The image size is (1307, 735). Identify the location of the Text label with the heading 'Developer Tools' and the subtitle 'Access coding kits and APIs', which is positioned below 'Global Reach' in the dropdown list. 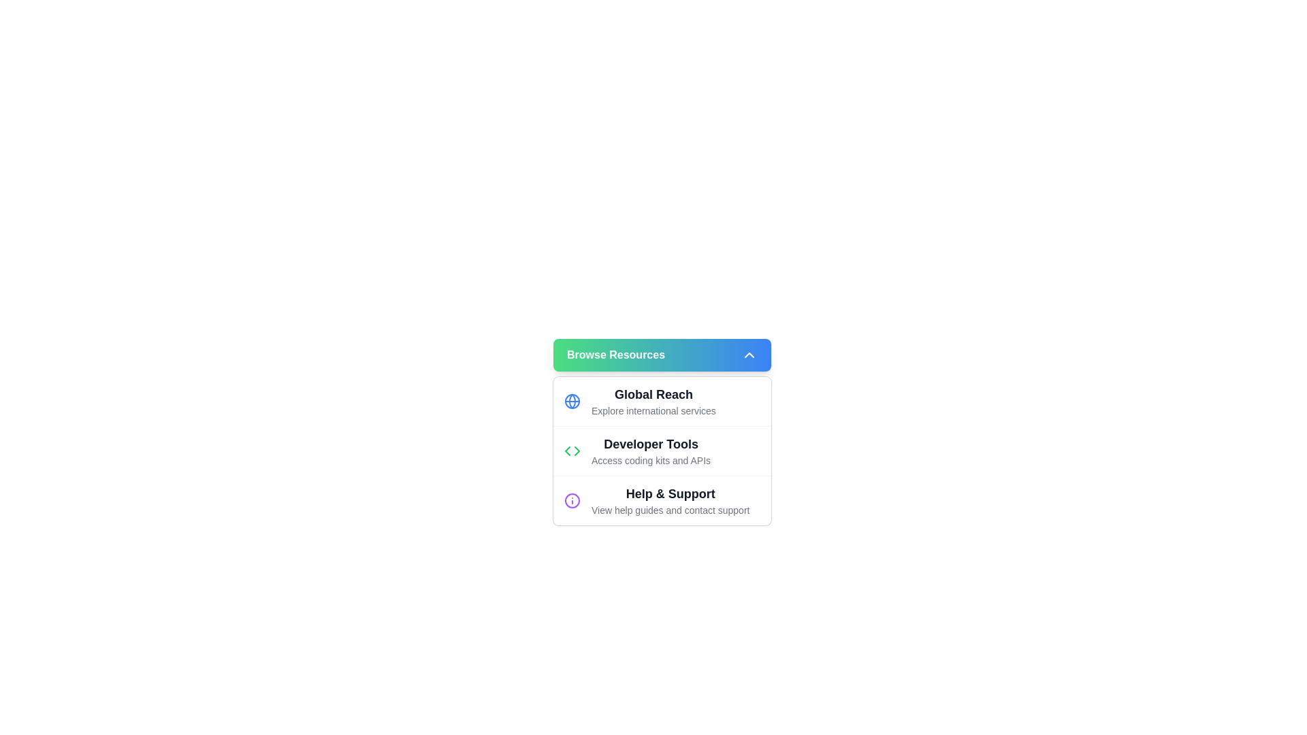
(650, 451).